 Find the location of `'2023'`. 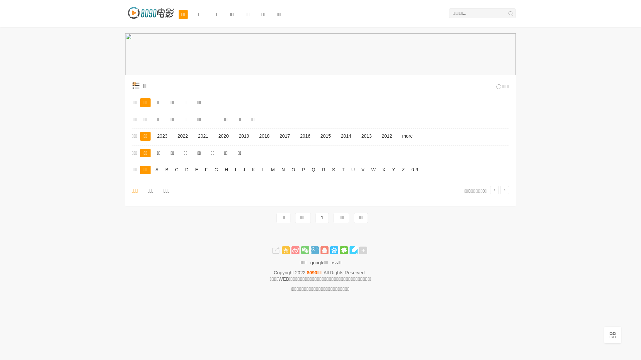

'2023' is located at coordinates (162, 136).